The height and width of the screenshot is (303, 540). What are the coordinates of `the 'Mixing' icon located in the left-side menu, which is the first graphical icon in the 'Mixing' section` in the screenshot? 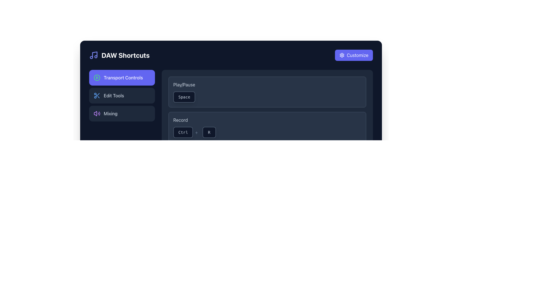 It's located at (97, 114).